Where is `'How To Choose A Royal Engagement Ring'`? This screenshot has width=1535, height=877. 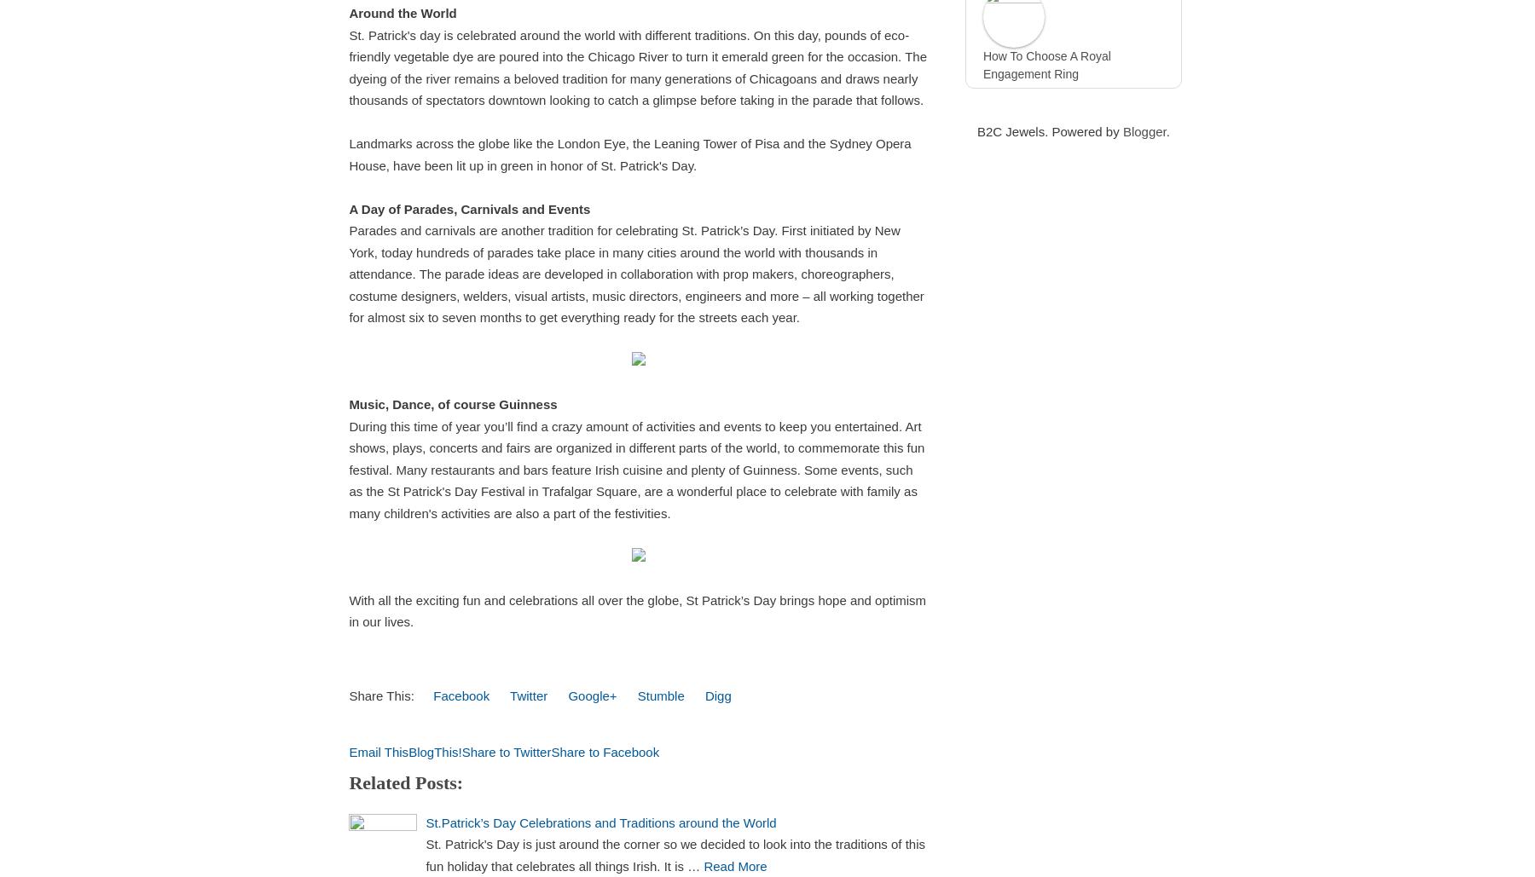 'How To Choose A Royal Engagement Ring' is located at coordinates (982, 64).